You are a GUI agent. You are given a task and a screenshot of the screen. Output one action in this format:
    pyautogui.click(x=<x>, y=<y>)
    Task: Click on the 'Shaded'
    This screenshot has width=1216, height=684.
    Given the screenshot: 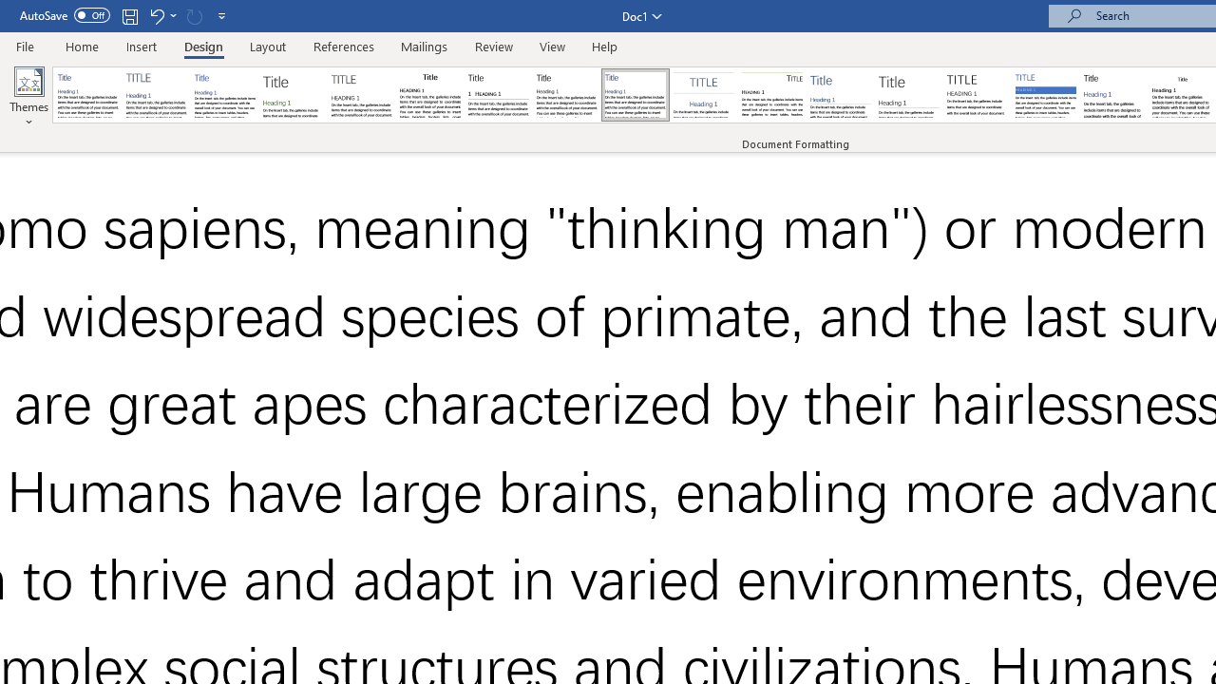 What is the action you would take?
    pyautogui.click(x=1044, y=95)
    